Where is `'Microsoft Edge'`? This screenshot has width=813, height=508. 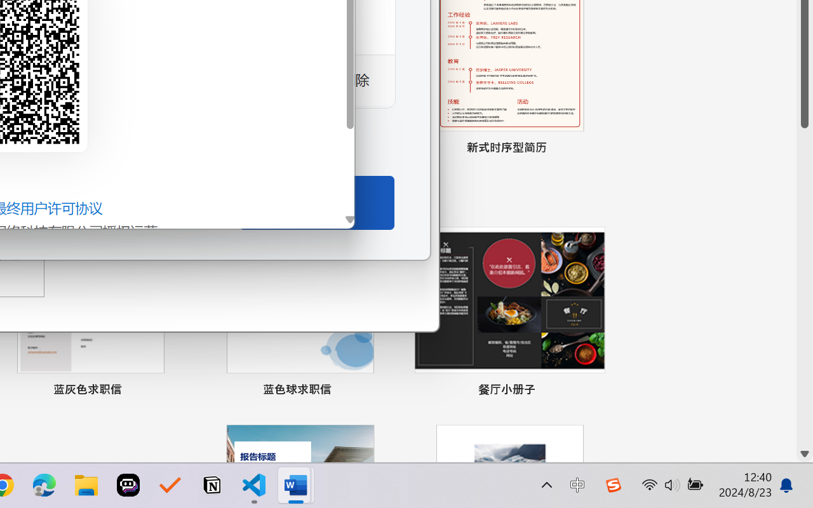 'Microsoft Edge' is located at coordinates (44, 485).